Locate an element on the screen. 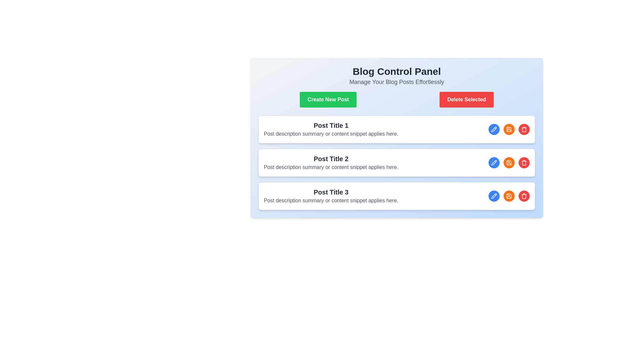 This screenshot has width=627, height=353. the text element containing the title and description of the blog post located in the topmost card under the 'Blog Control Panel' is located at coordinates (331, 129).